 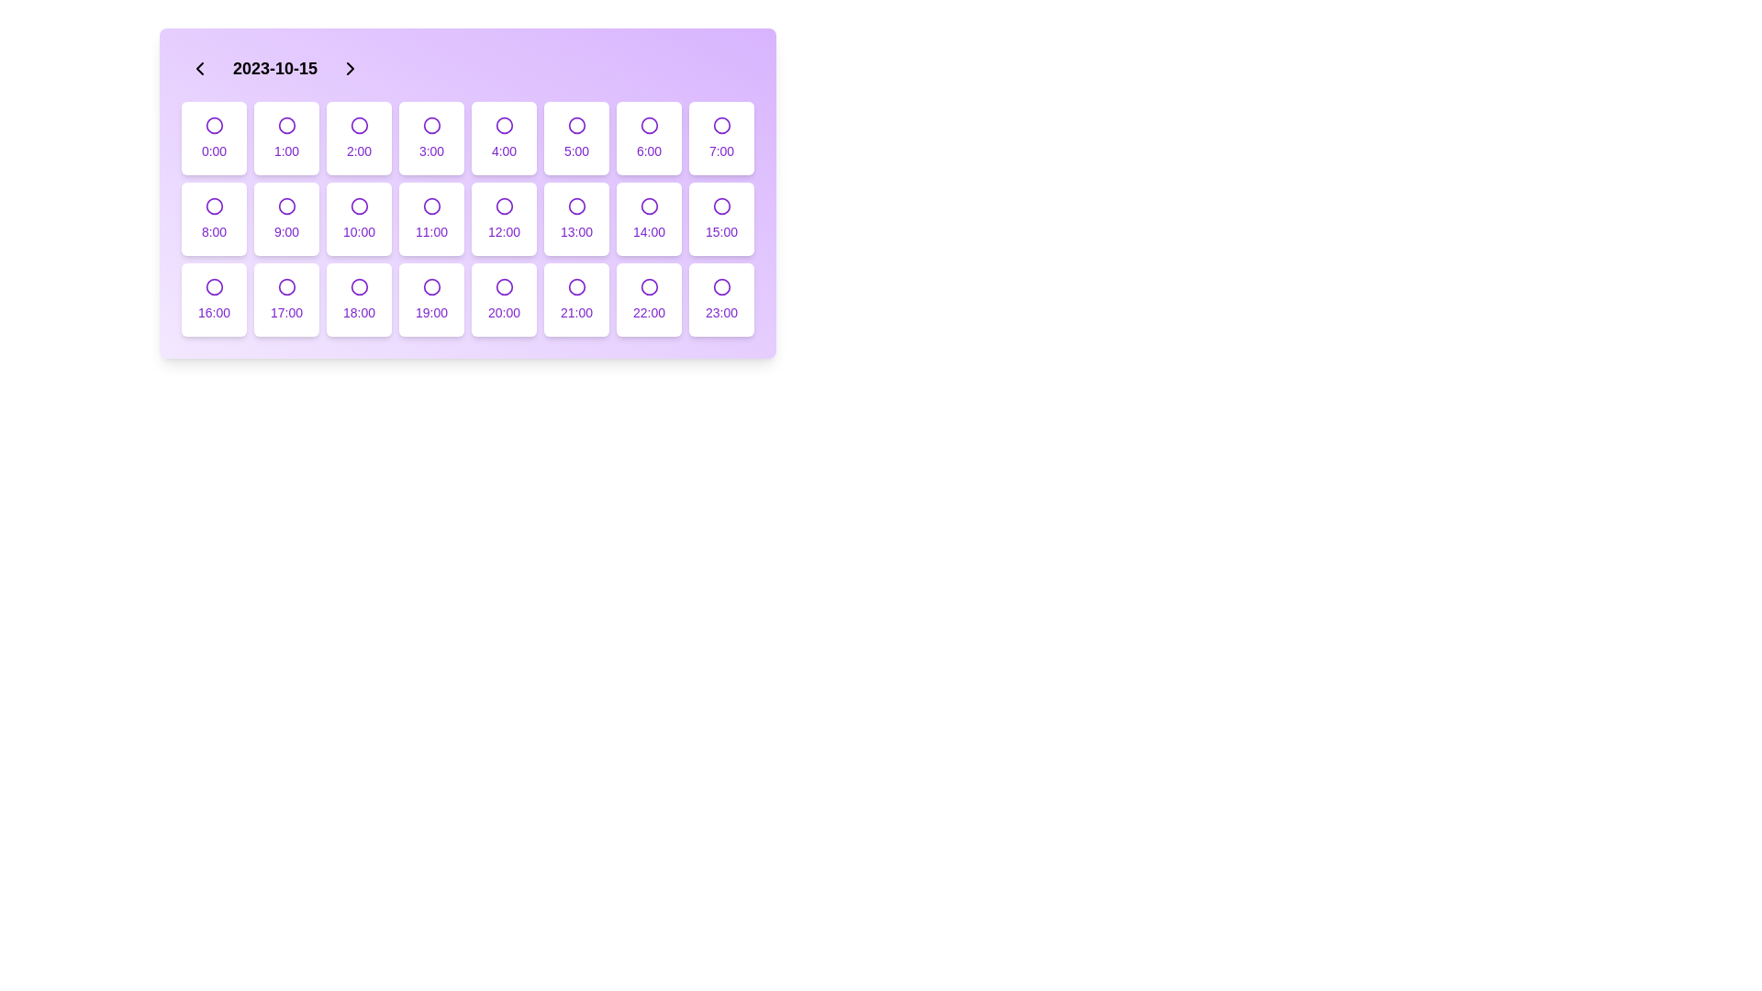 What do you see at coordinates (351, 67) in the screenshot?
I see `the navigational button located adjacent to the displayed date '2023-10-15'` at bounding box center [351, 67].